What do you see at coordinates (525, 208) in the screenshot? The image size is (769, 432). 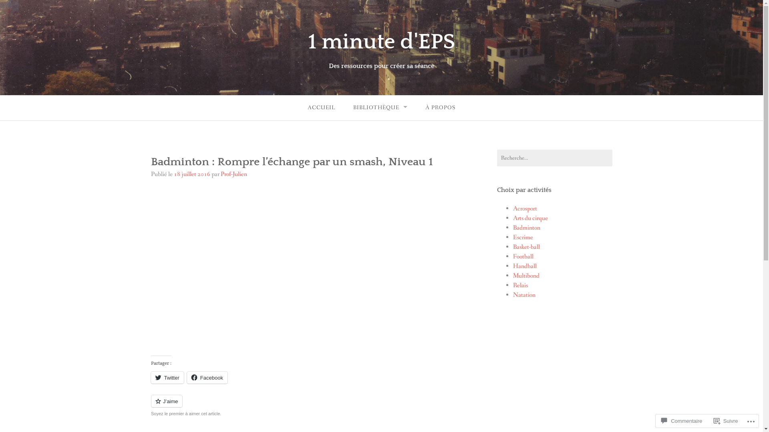 I see `'Acrosport'` at bounding box center [525, 208].